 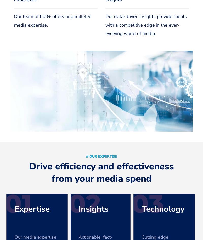 What do you see at coordinates (93, 209) in the screenshot?
I see `'Insights'` at bounding box center [93, 209].